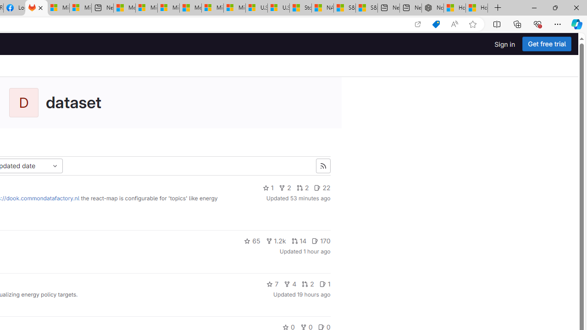  What do you see at coordinates (321, 240) in the screenshot?
I see `'170'` at bounding box center [321, 240].